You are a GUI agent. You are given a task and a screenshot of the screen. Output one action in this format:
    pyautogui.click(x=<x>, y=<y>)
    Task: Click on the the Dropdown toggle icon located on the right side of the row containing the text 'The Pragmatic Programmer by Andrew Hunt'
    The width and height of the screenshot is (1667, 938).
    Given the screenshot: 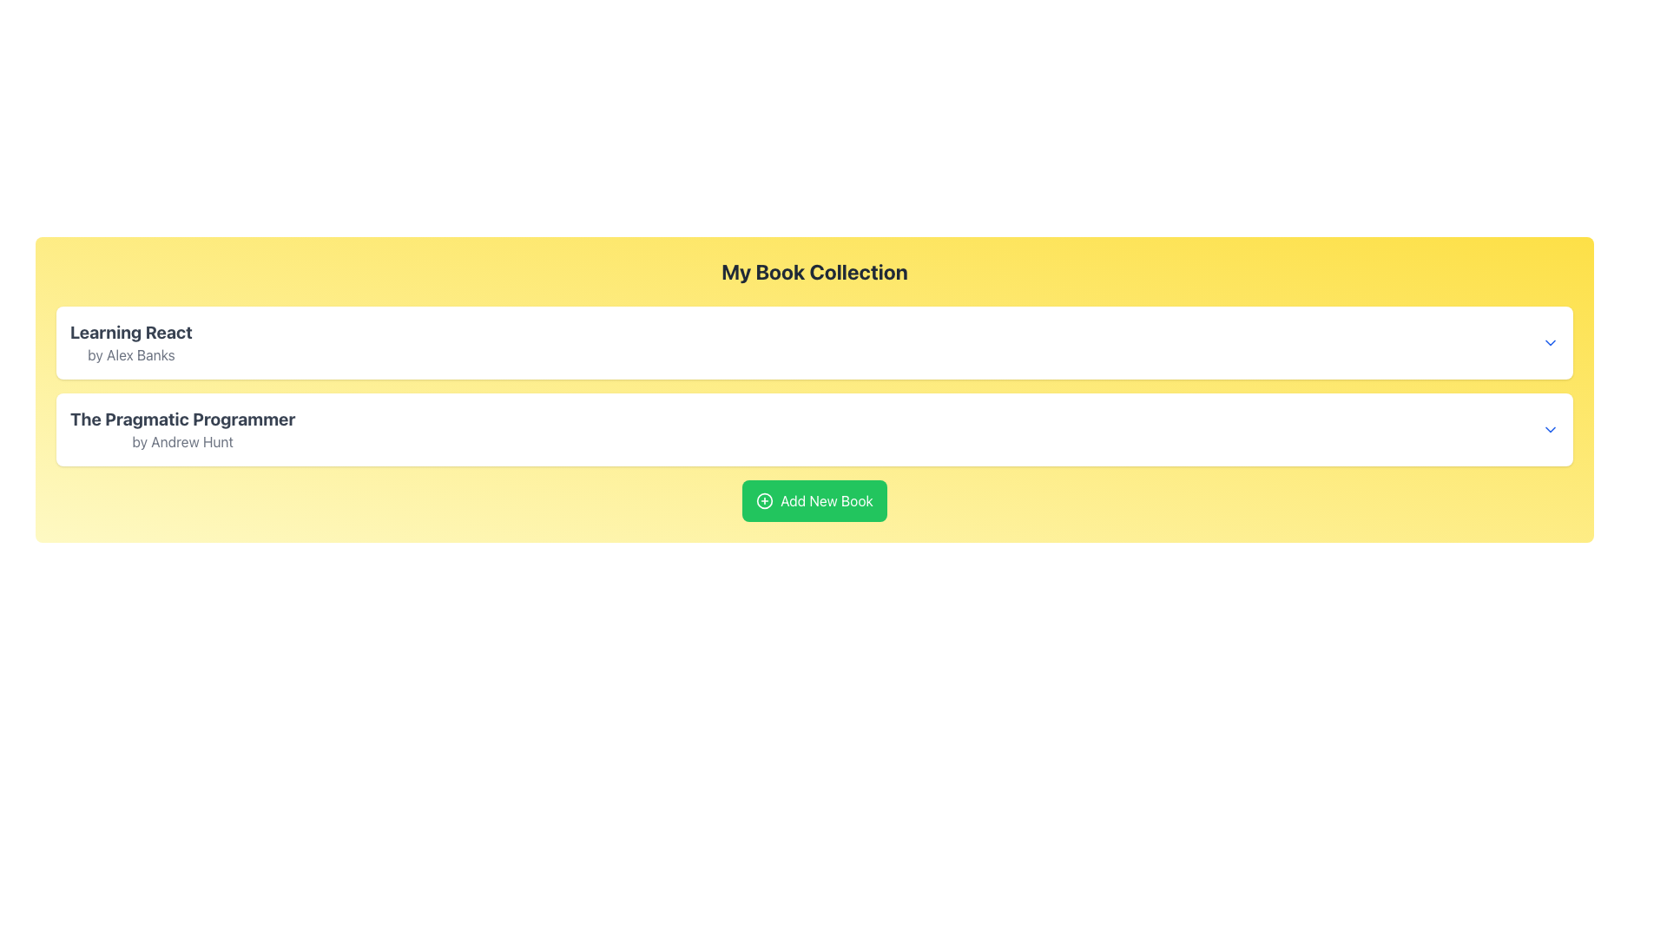 What is the action you would take?
    pyautogui.click(x=1550, y=429)
    